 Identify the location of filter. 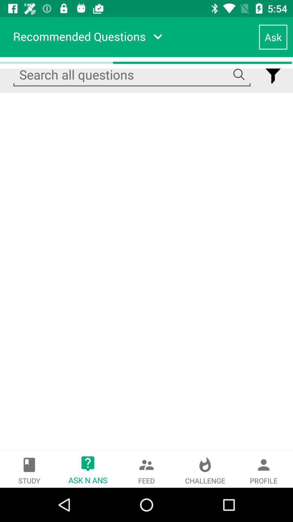
(273, 74).